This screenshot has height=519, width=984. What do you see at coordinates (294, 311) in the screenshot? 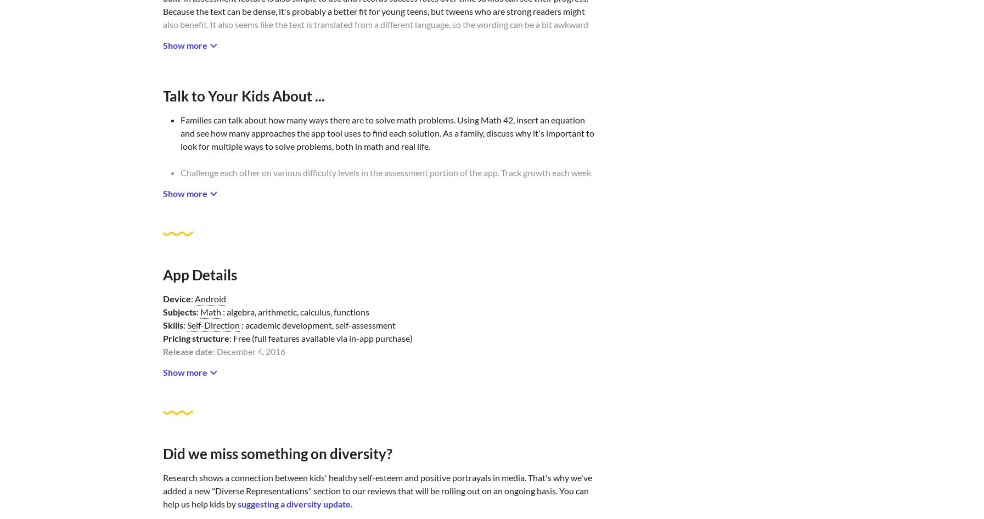
I see `':
  

                    
    algebra, 
  

                    
    arithmetic, 
  

                    
    calculus, 
  

                    
    functions'` at bounding box center [294, 311].